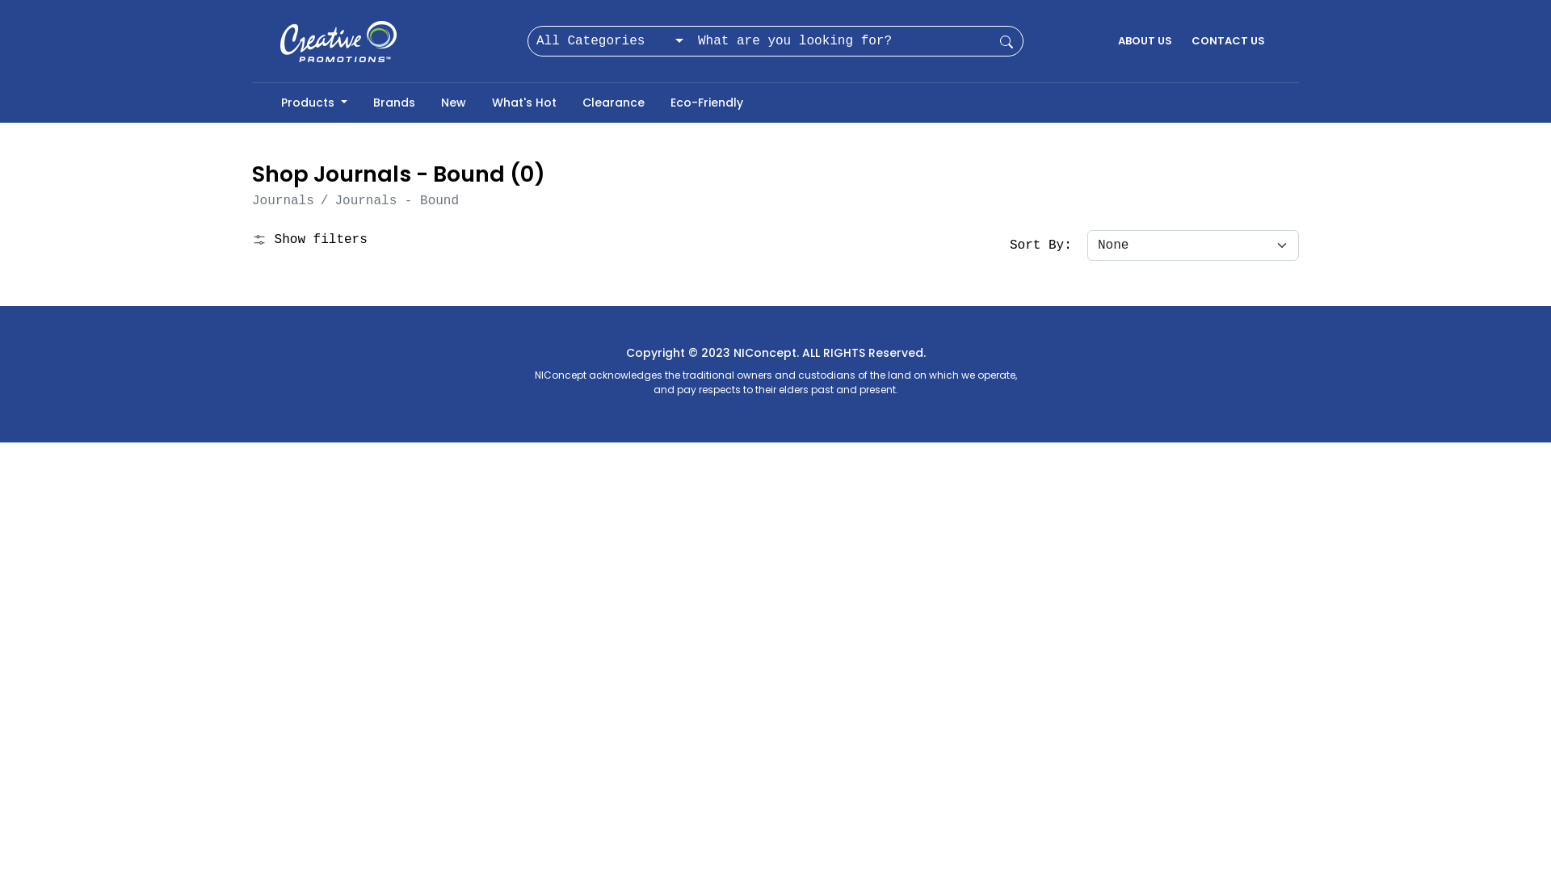 This screenshot has width=1551, height=872. Describe the element at coordinates (1144, 40) in the screenshot. I see `'ABOUT US'` at that location.